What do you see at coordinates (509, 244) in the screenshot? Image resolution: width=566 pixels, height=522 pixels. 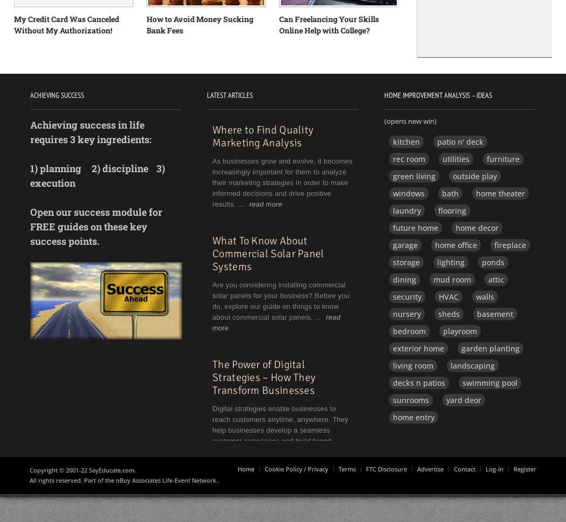 I see `'fireplace'` at bounding box center [509, 244].